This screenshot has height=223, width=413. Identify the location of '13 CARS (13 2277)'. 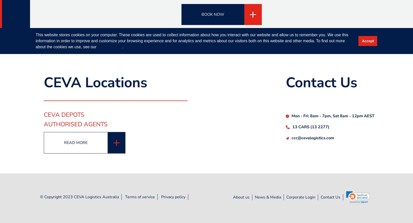
(310, 127).